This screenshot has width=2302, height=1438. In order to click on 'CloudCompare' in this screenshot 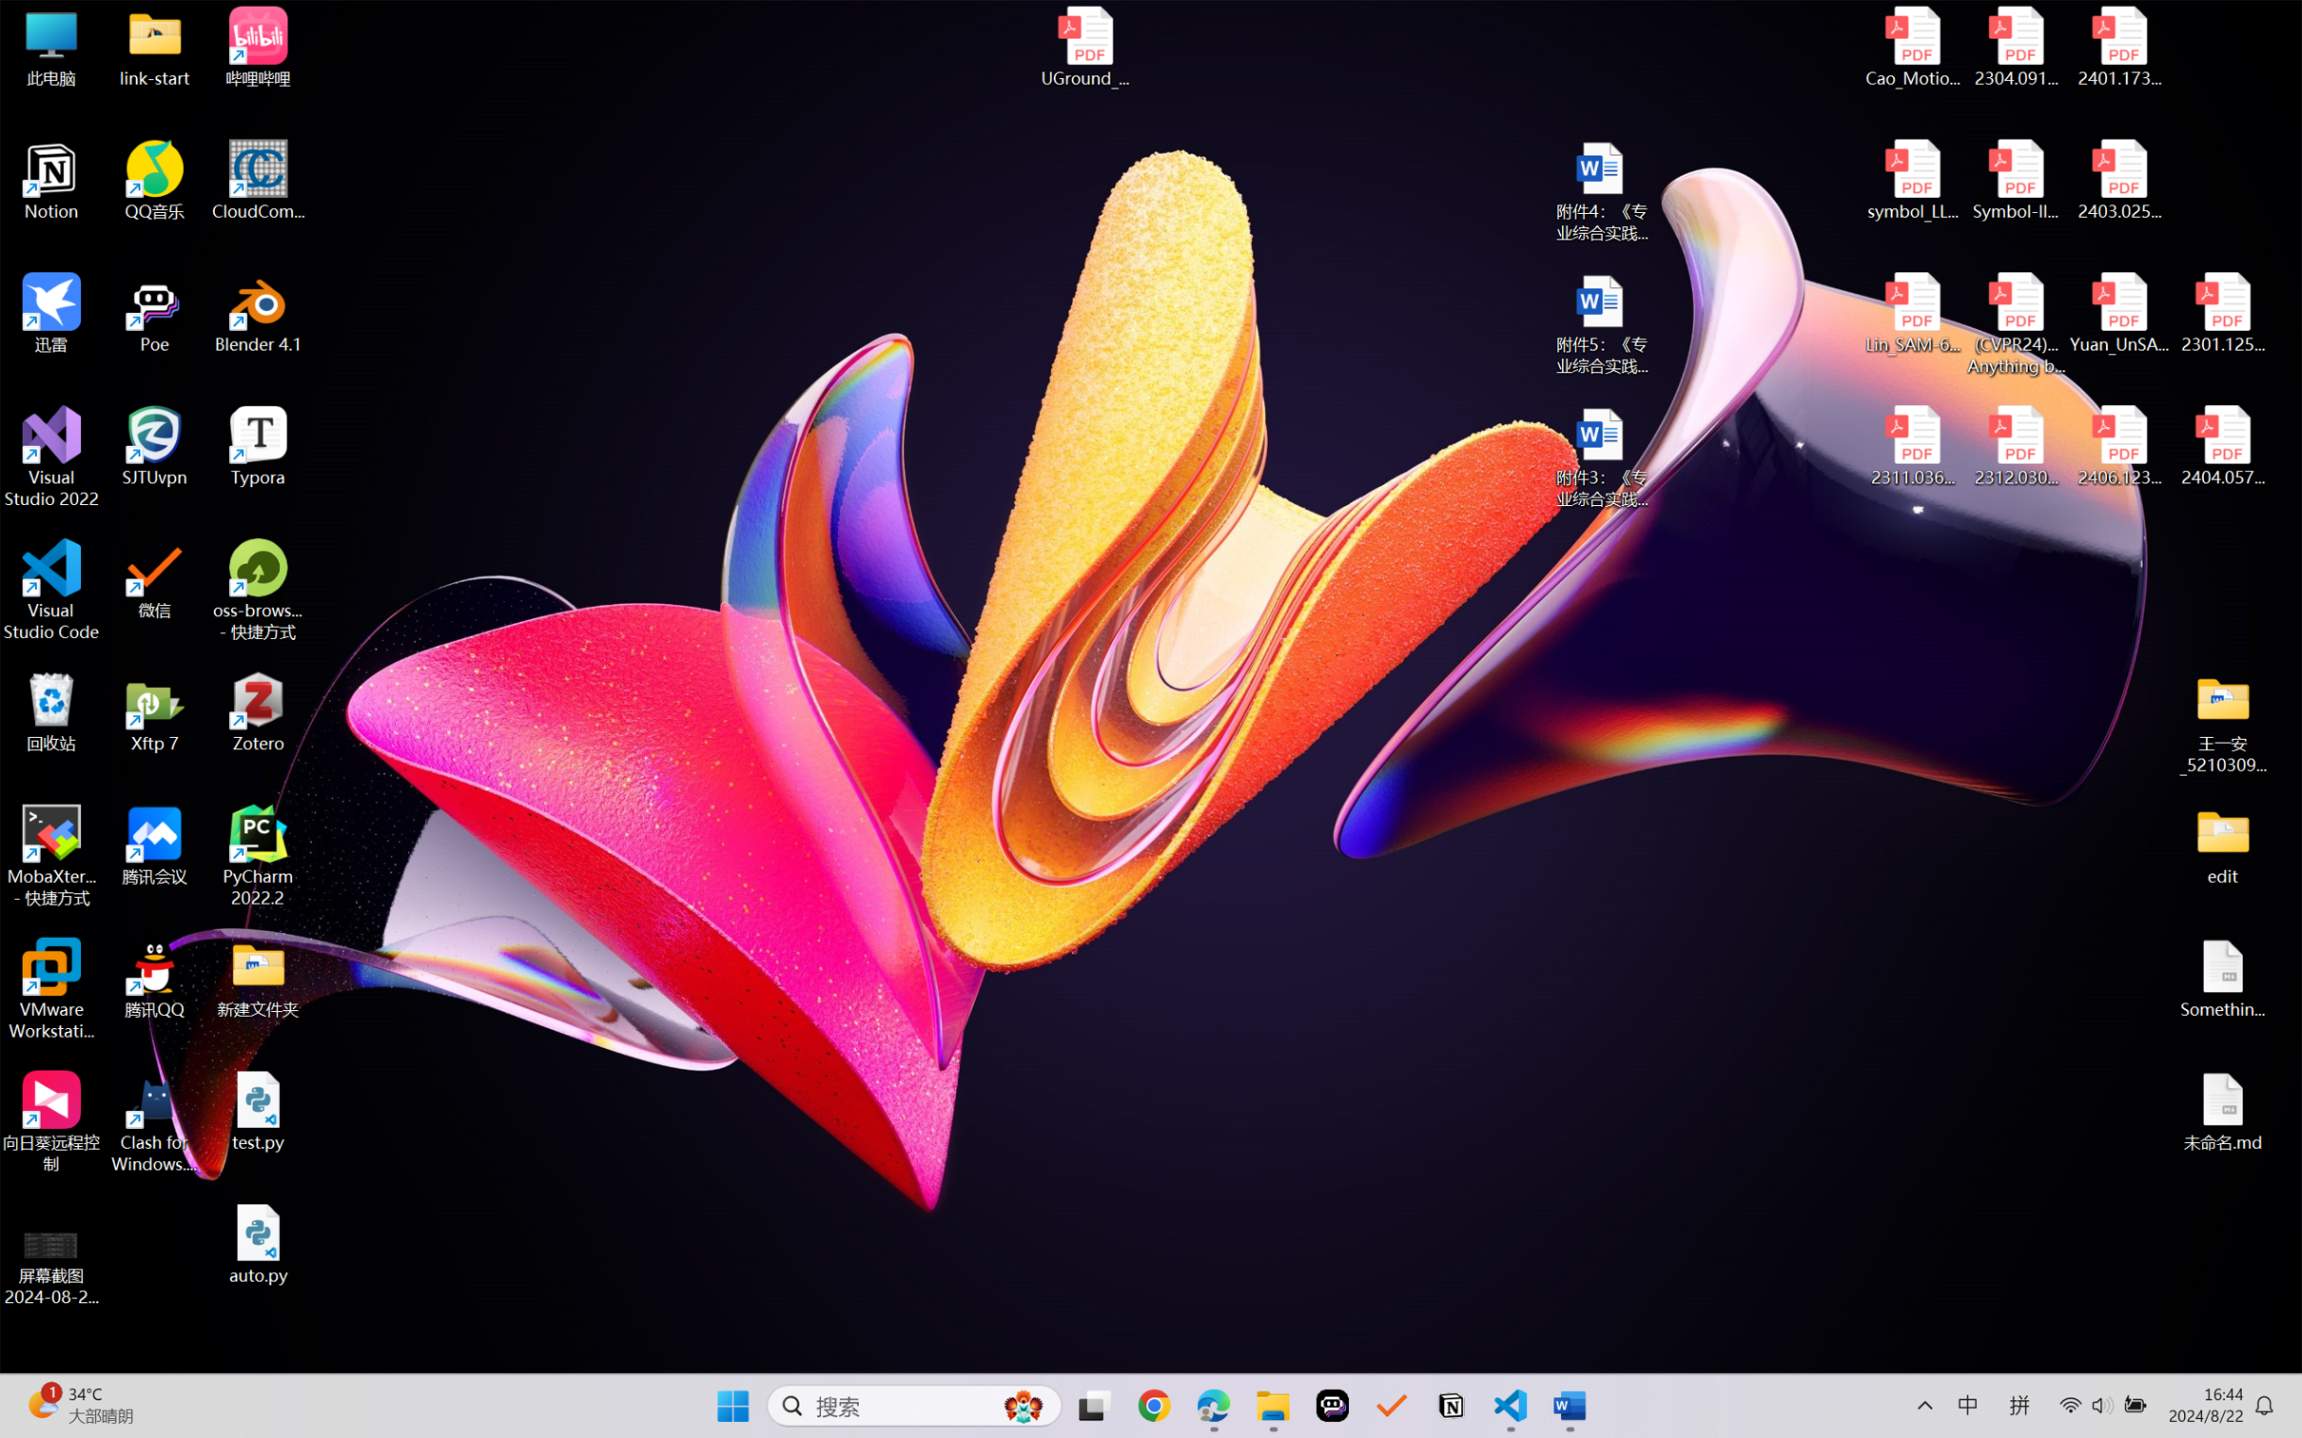, I will do `click(258, 181)`.